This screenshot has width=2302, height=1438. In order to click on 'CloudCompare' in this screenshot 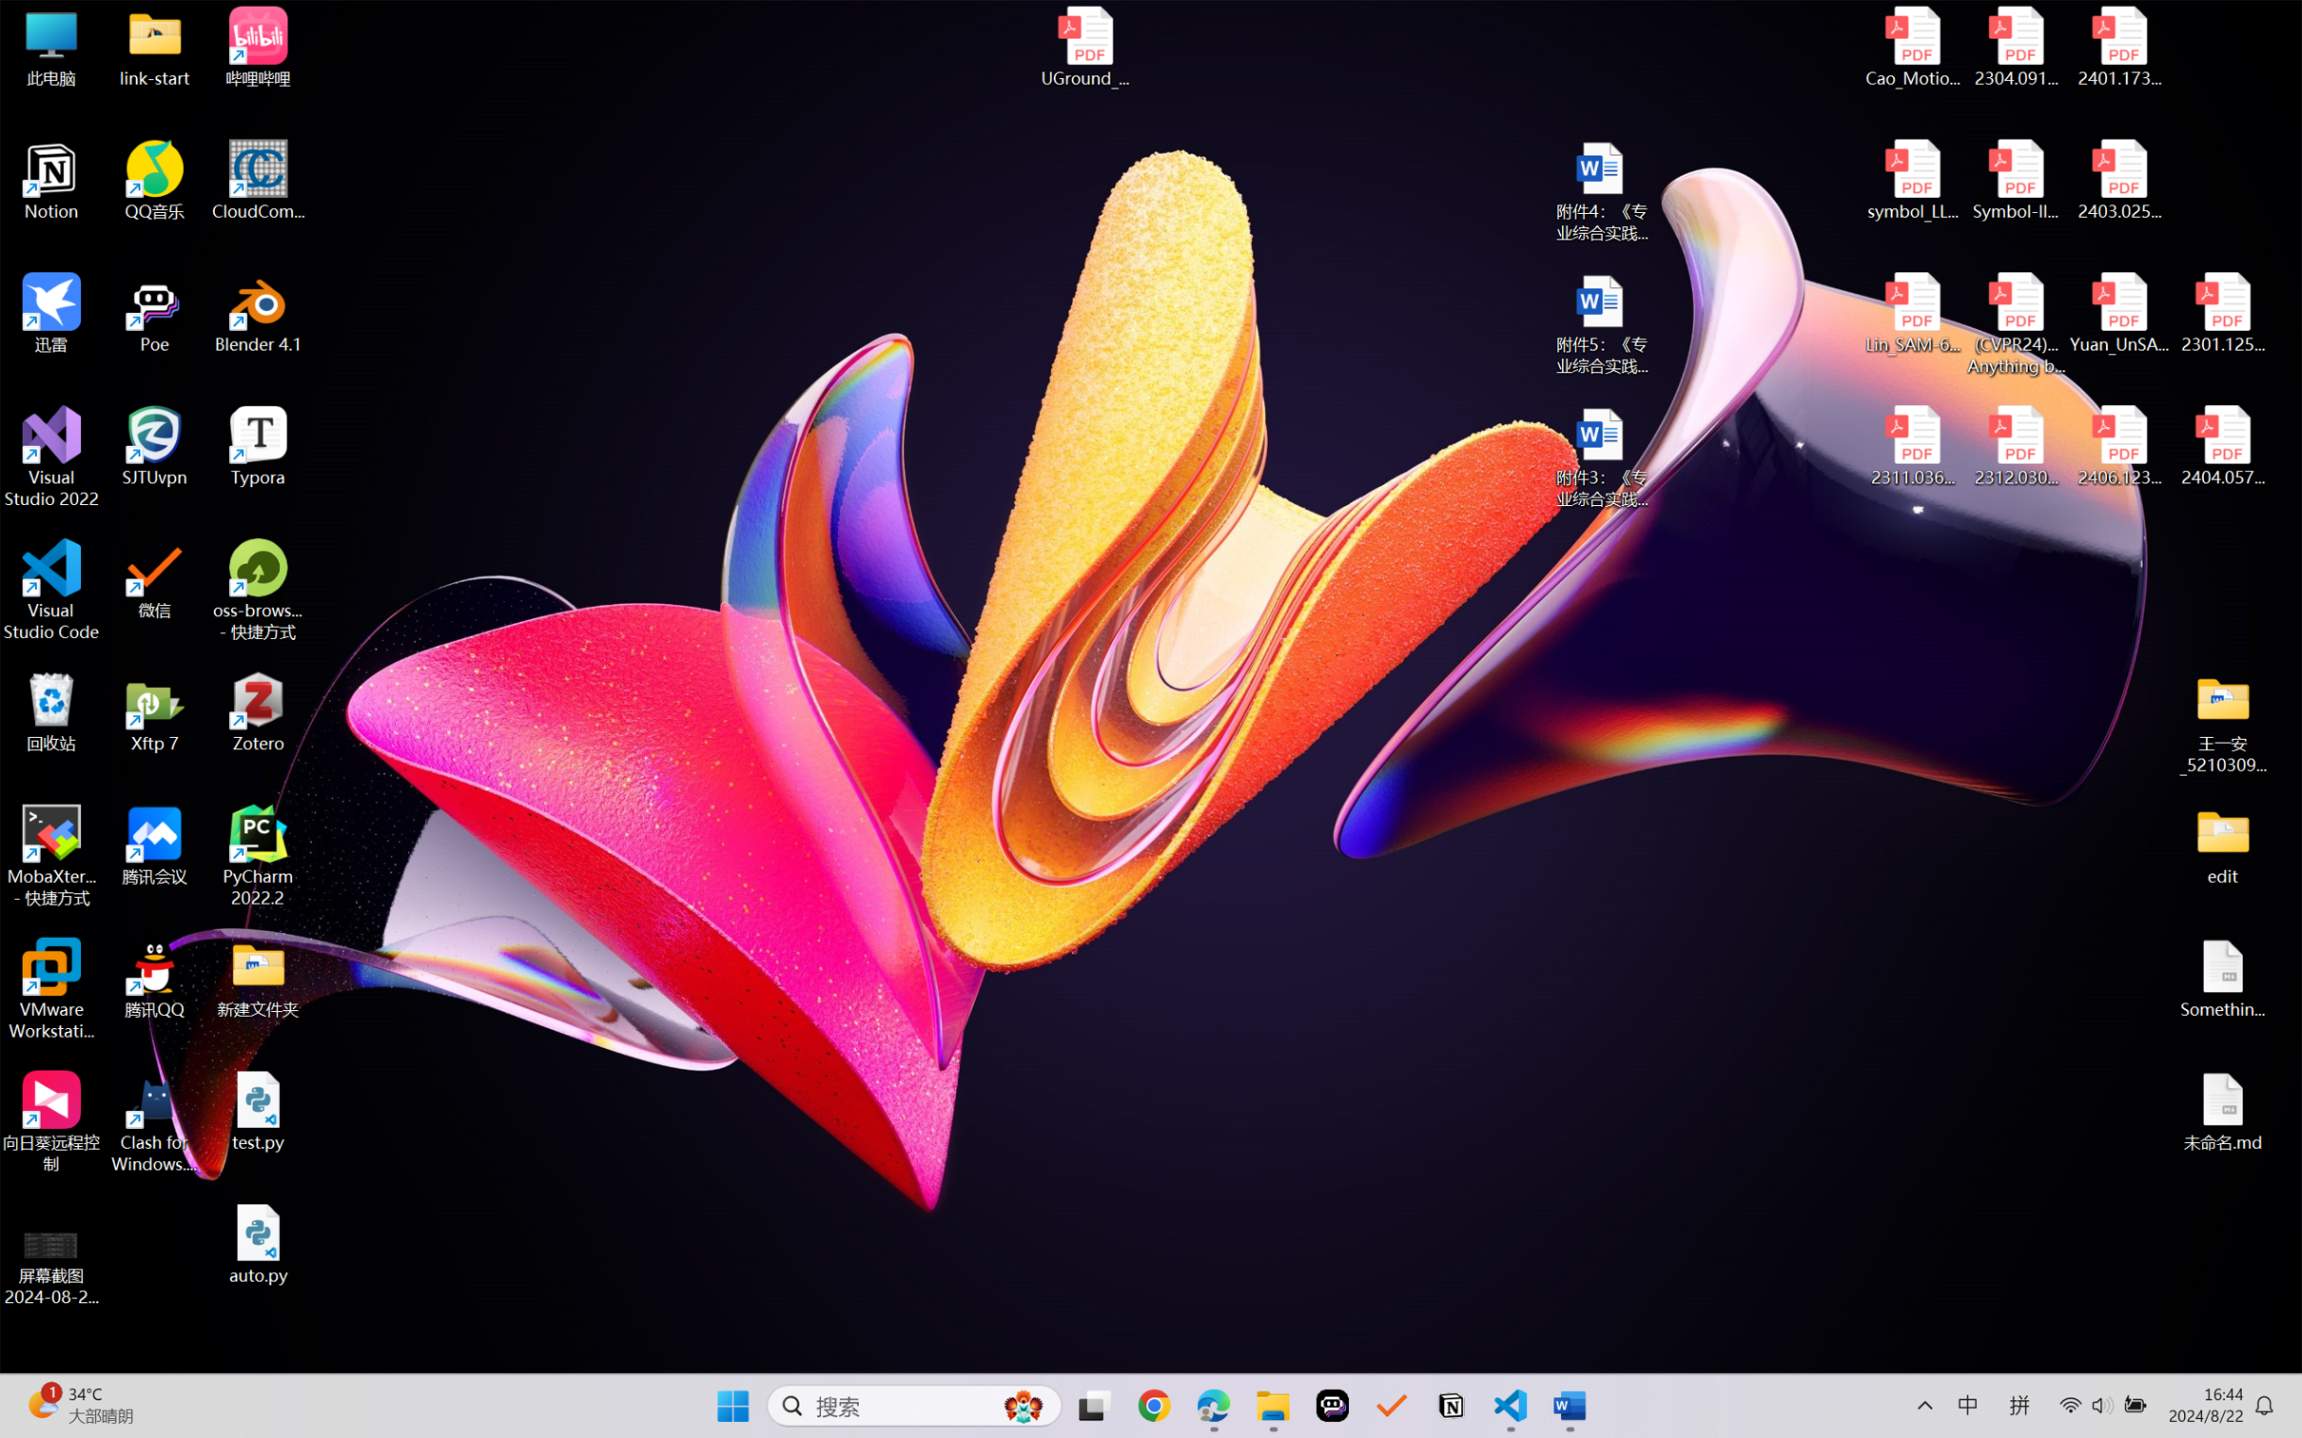, I will do `click(258, 181)`.